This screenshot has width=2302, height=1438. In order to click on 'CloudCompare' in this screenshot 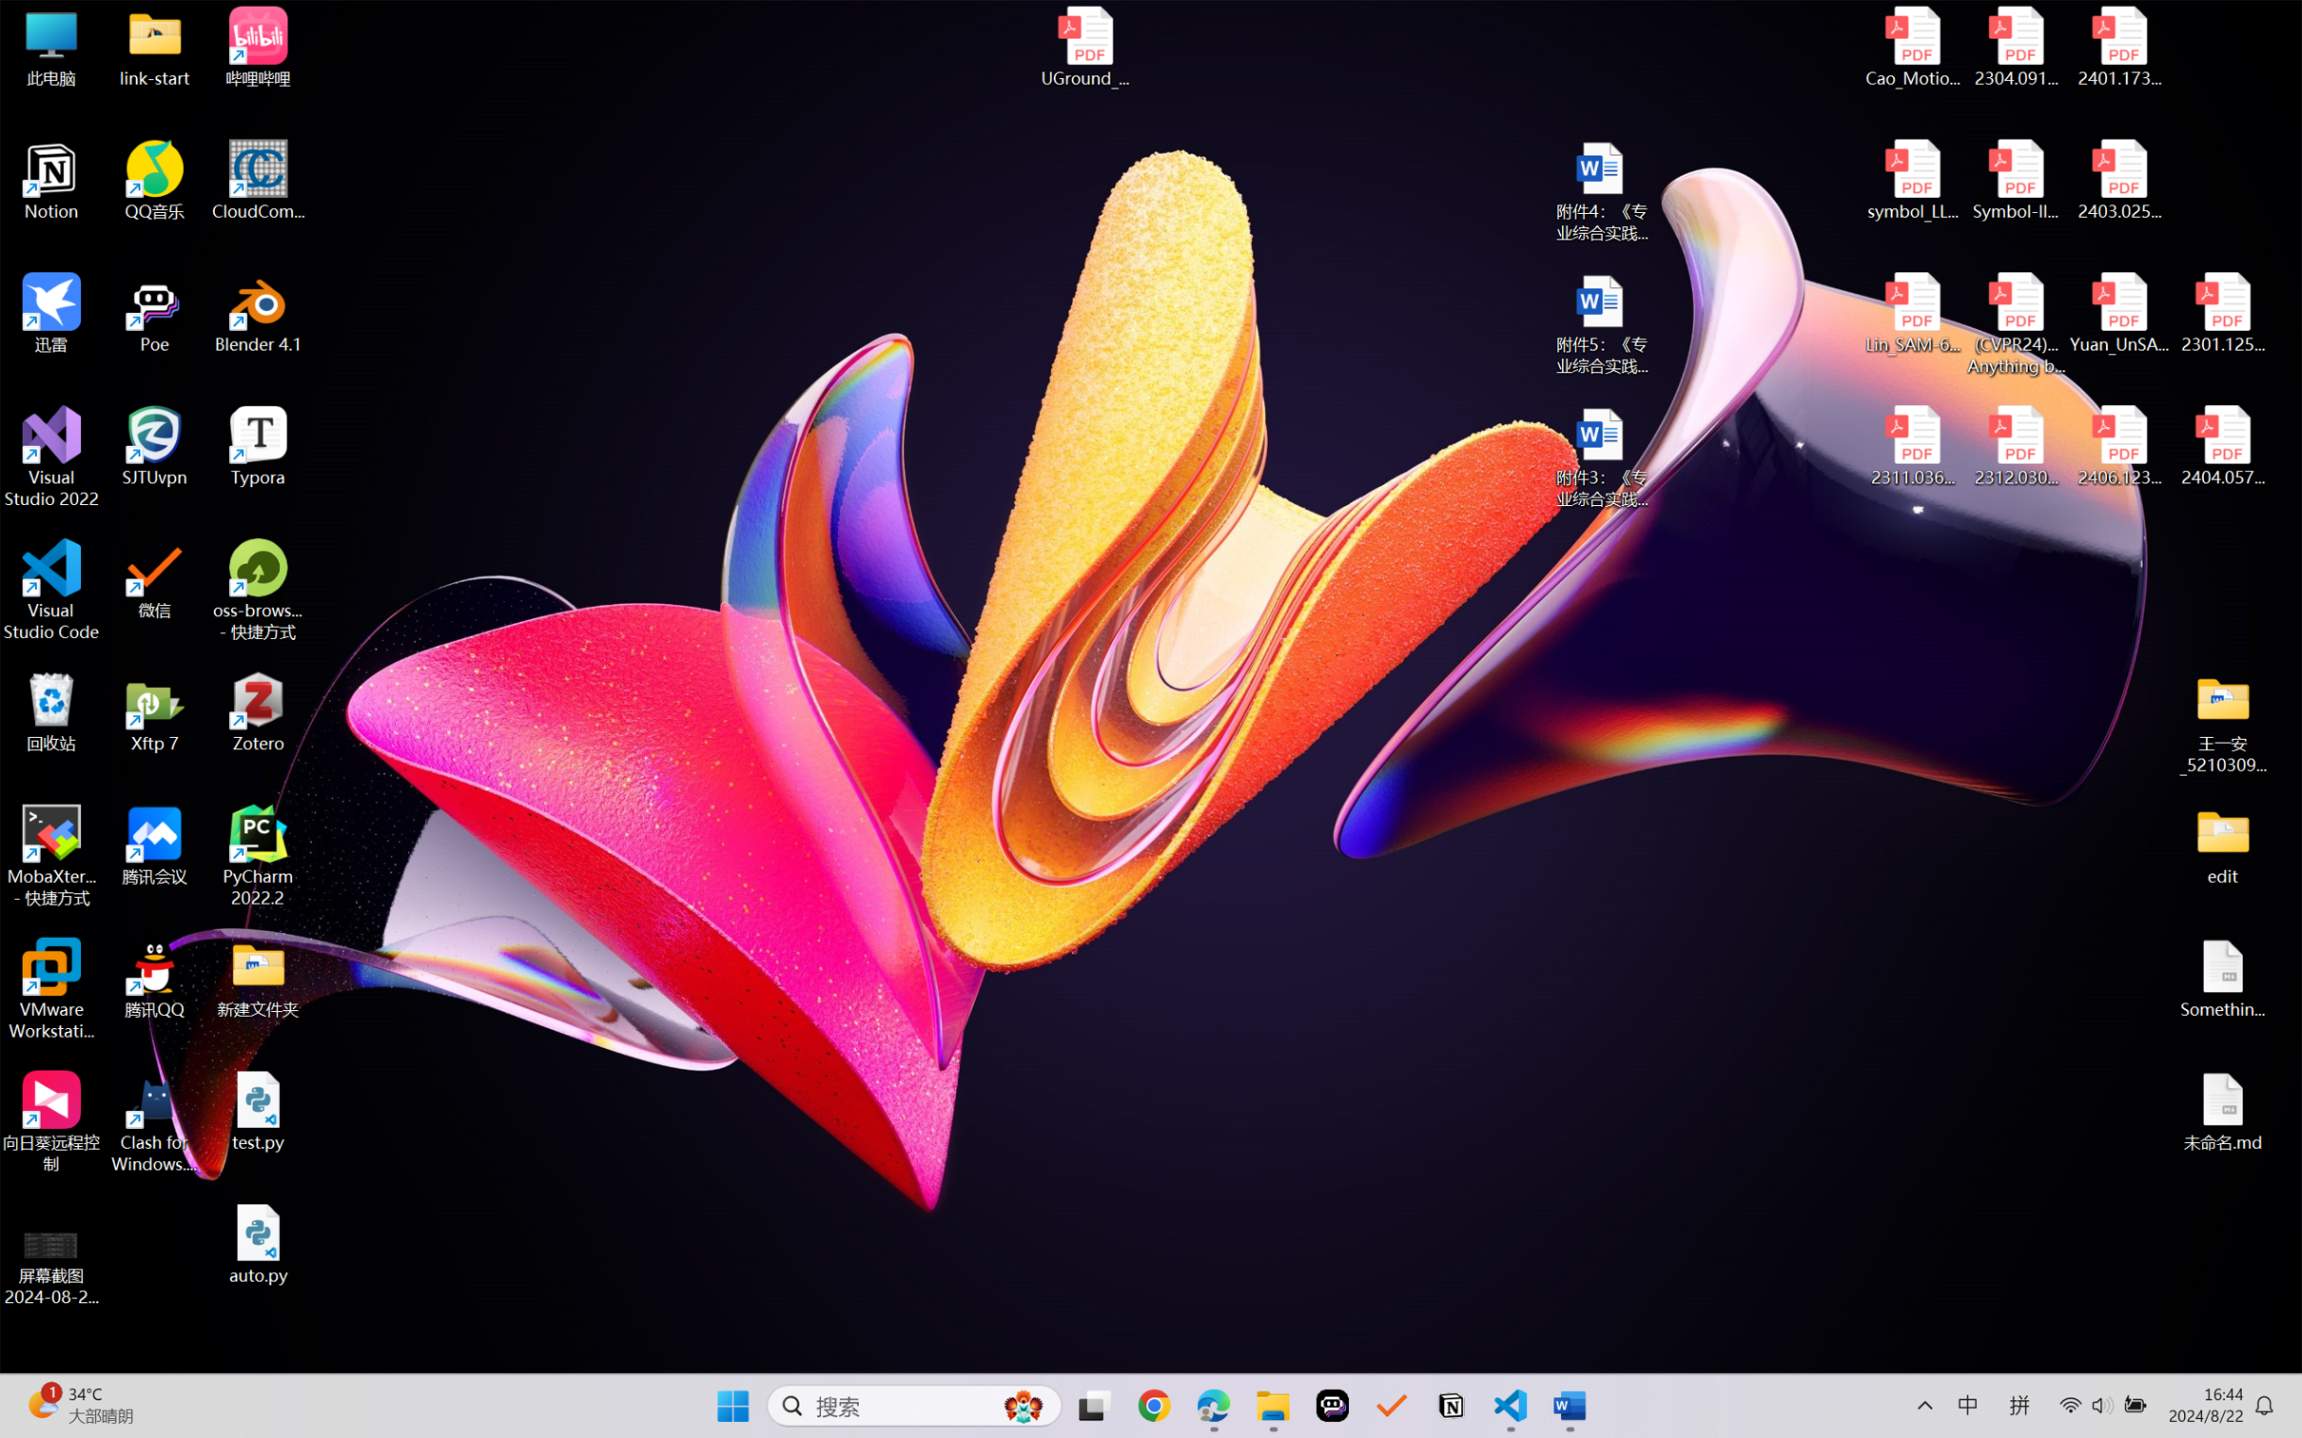, I will do `click(258, 181)`.